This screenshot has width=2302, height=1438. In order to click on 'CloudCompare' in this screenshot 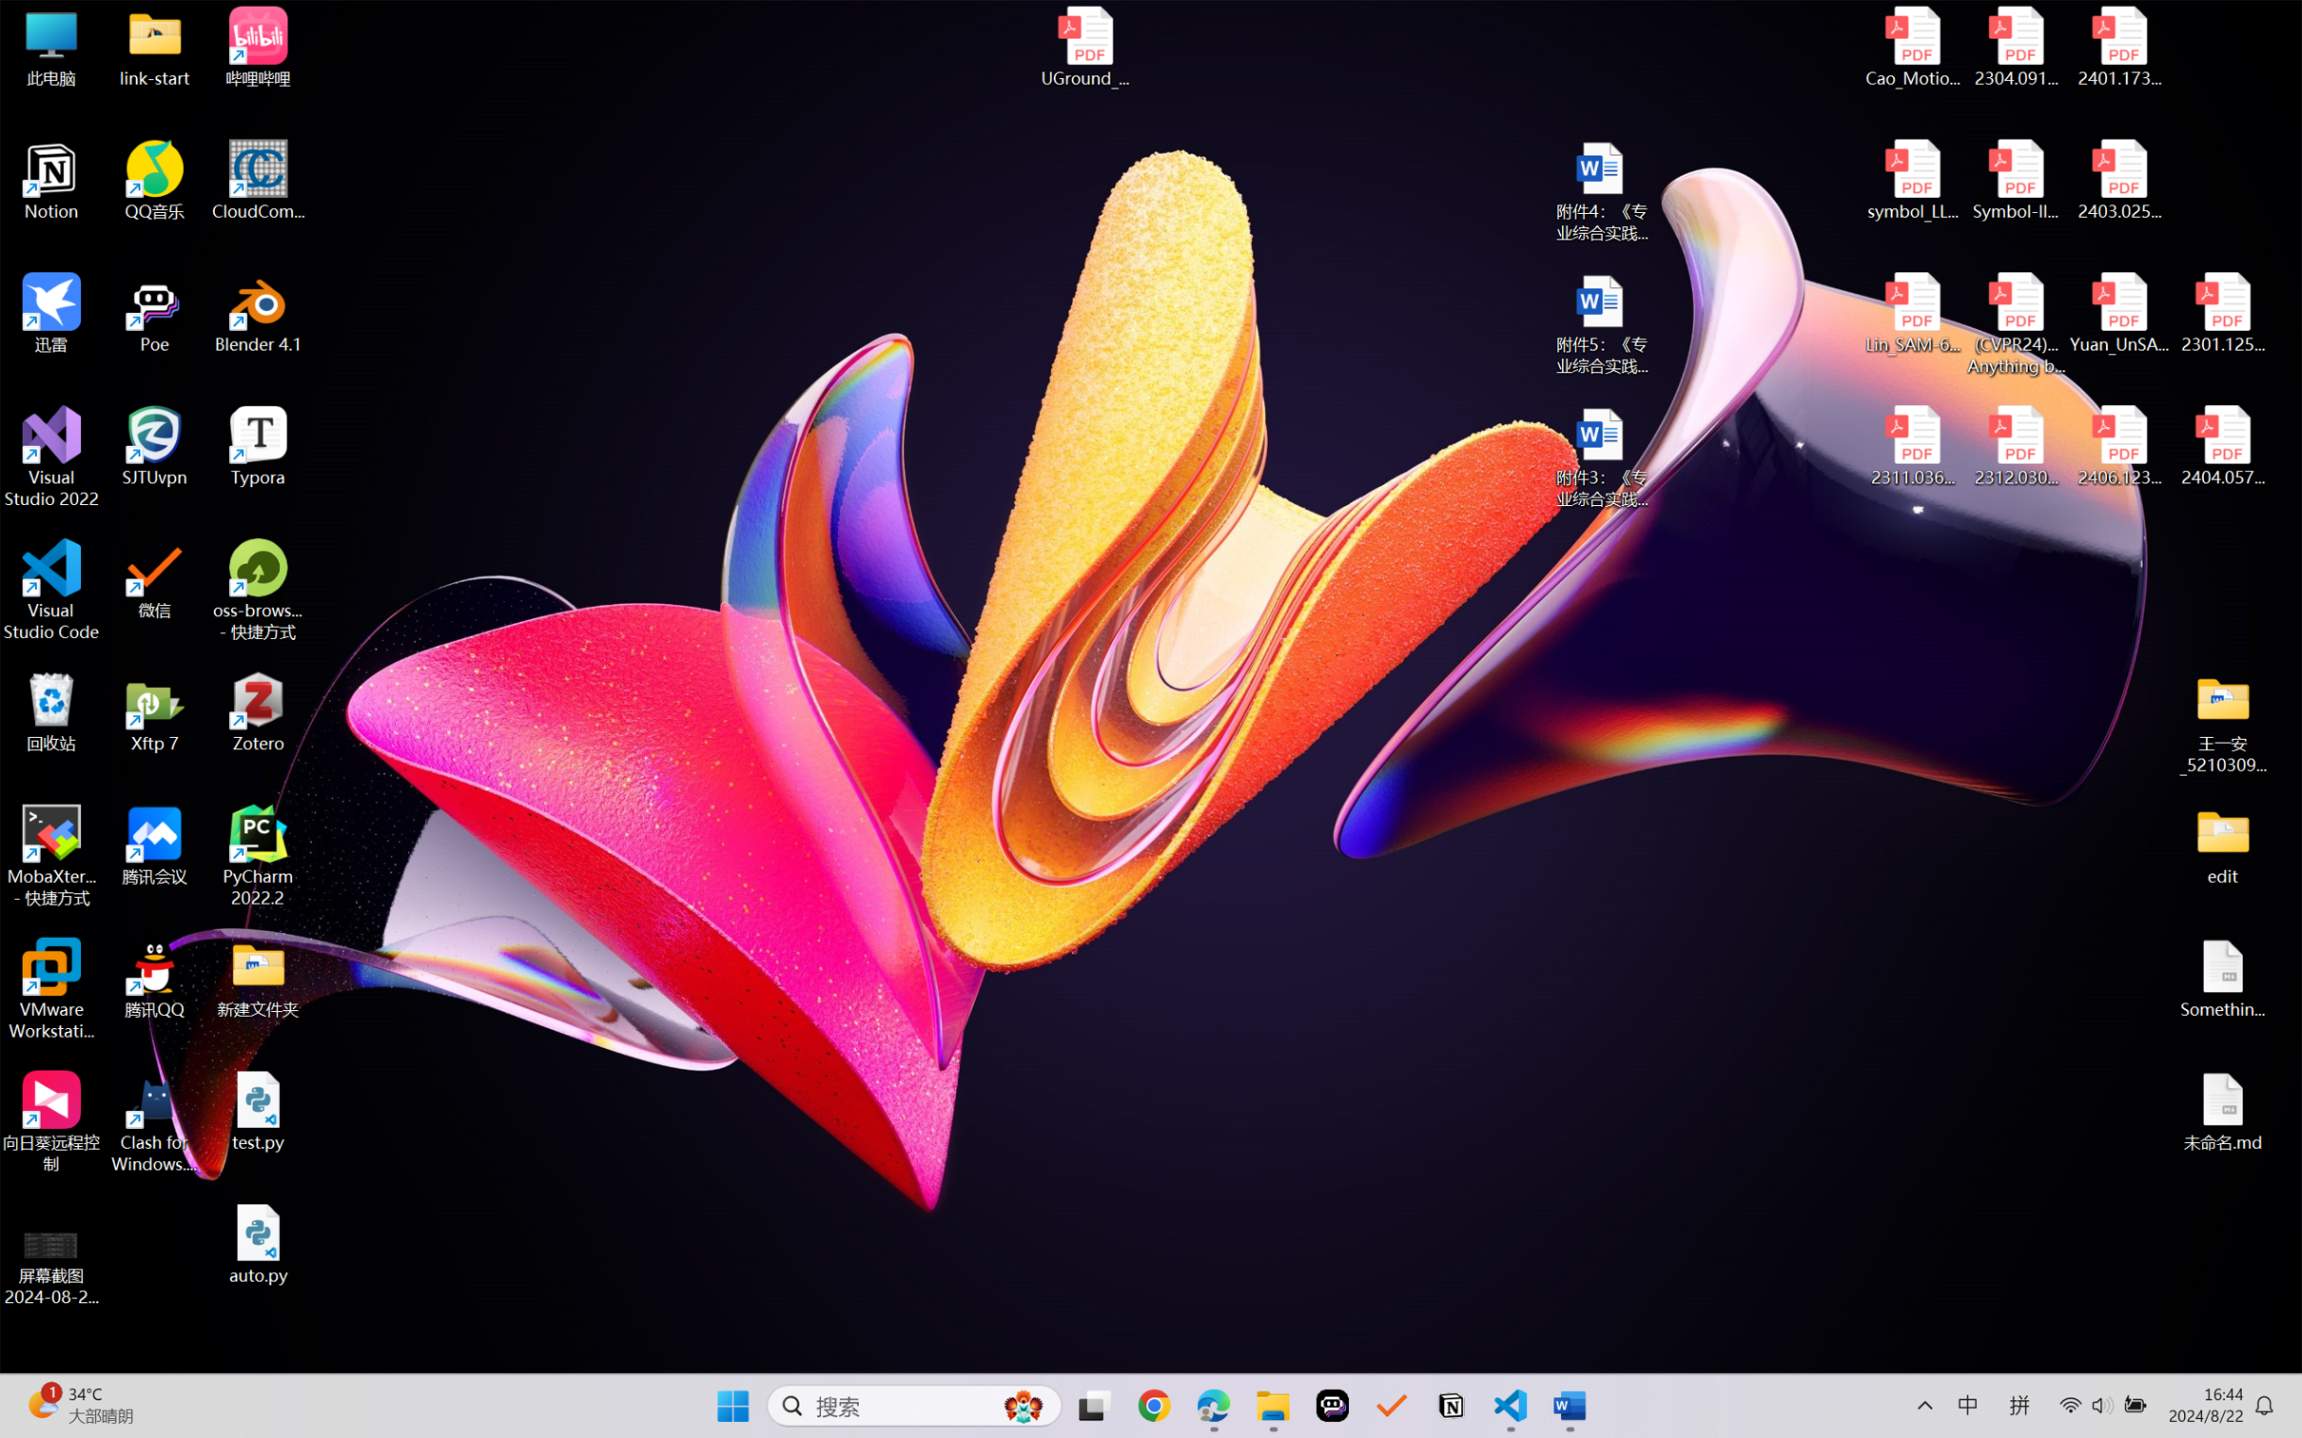, I will do `click(258, 181)`.